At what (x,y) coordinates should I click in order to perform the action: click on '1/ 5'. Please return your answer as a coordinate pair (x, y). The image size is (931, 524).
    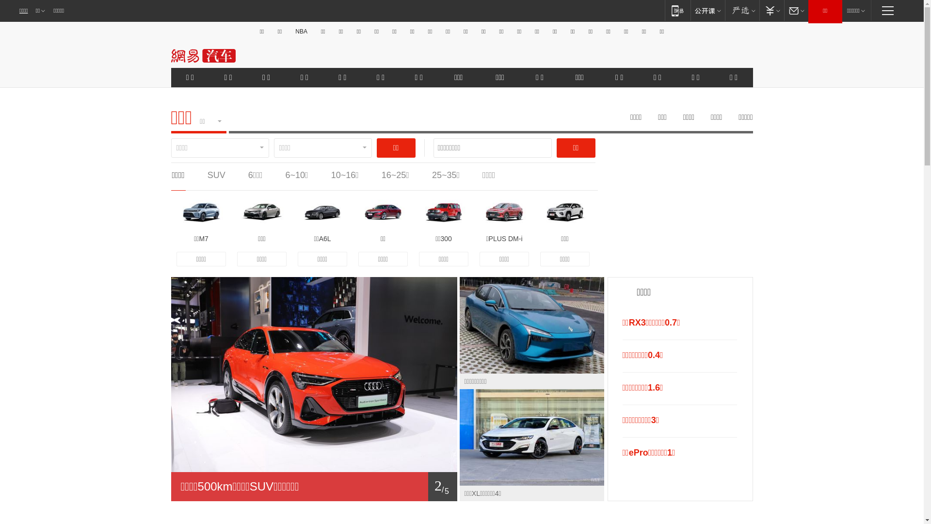
    Looking at the image, I should click on (314, 486).